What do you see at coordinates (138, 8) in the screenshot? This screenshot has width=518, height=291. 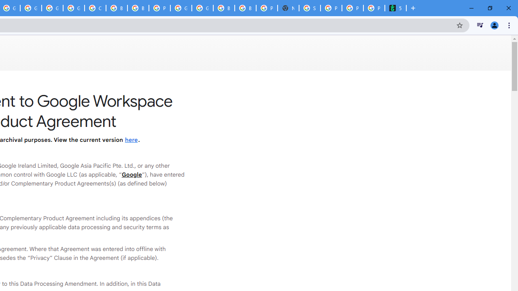 I see `'Browse Chrome as a guest - Computer - Google Chrome Help'` at bounding box center [138, 8].